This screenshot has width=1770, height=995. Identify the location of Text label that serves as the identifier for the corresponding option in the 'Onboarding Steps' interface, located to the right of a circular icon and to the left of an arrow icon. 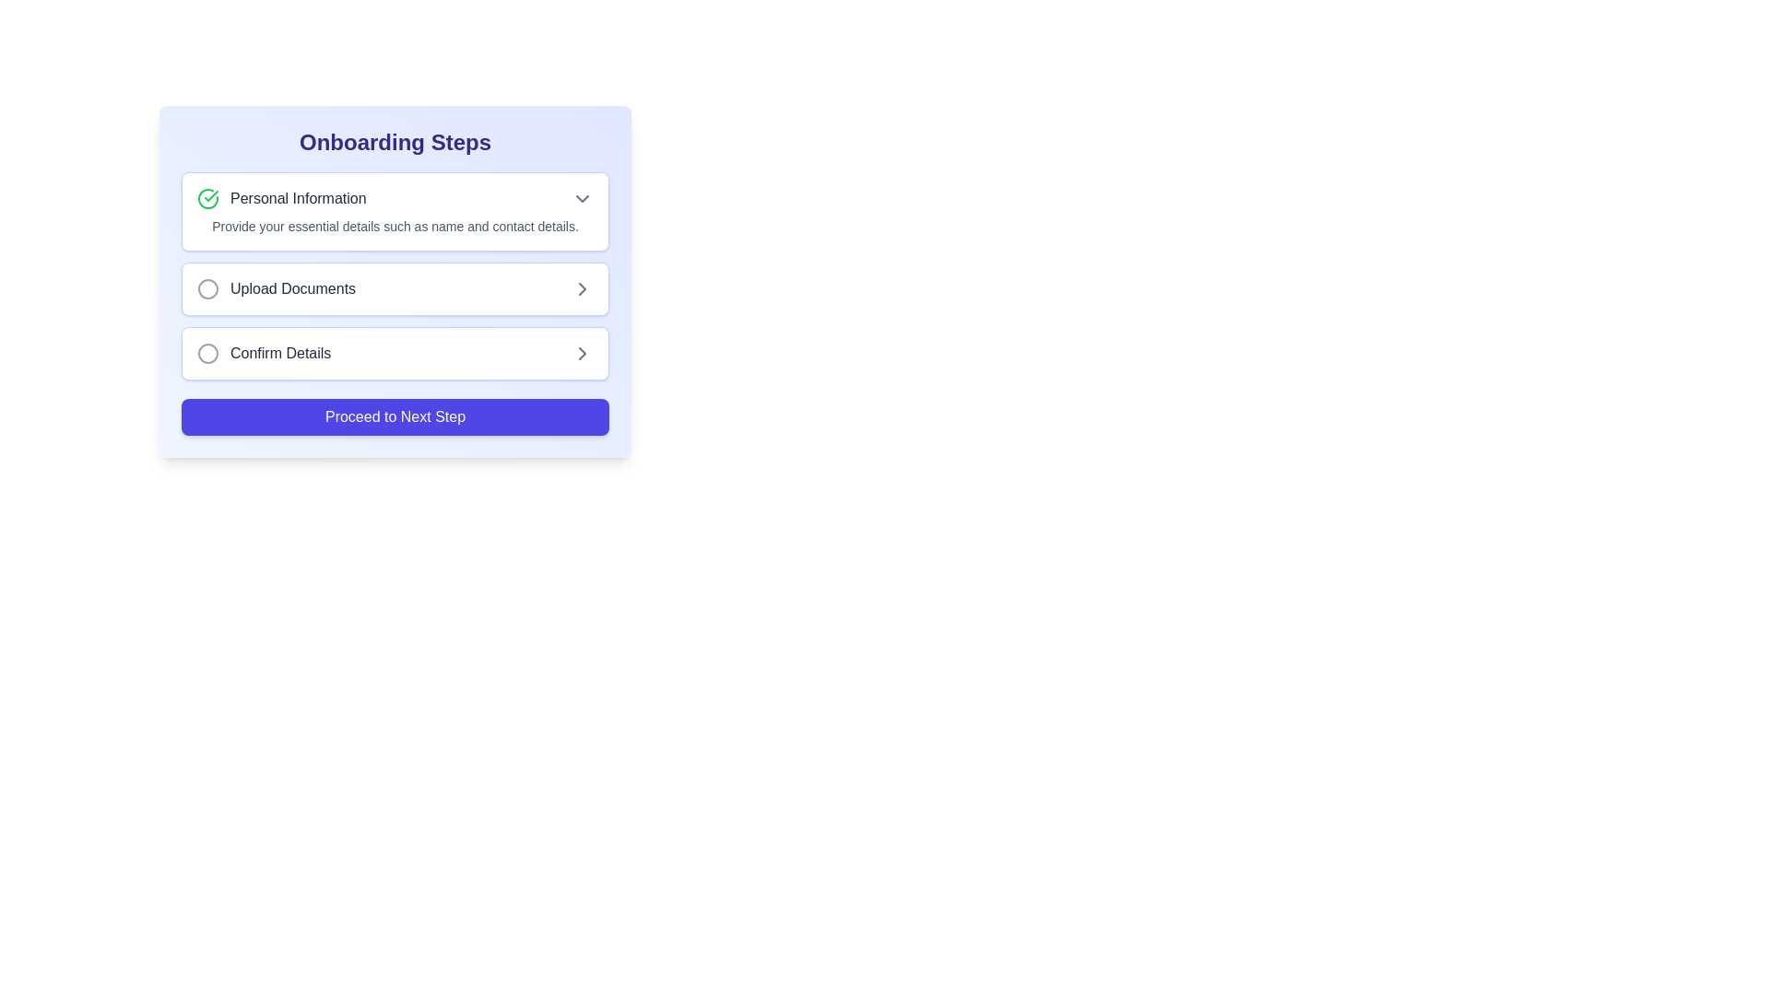
(279, 354).